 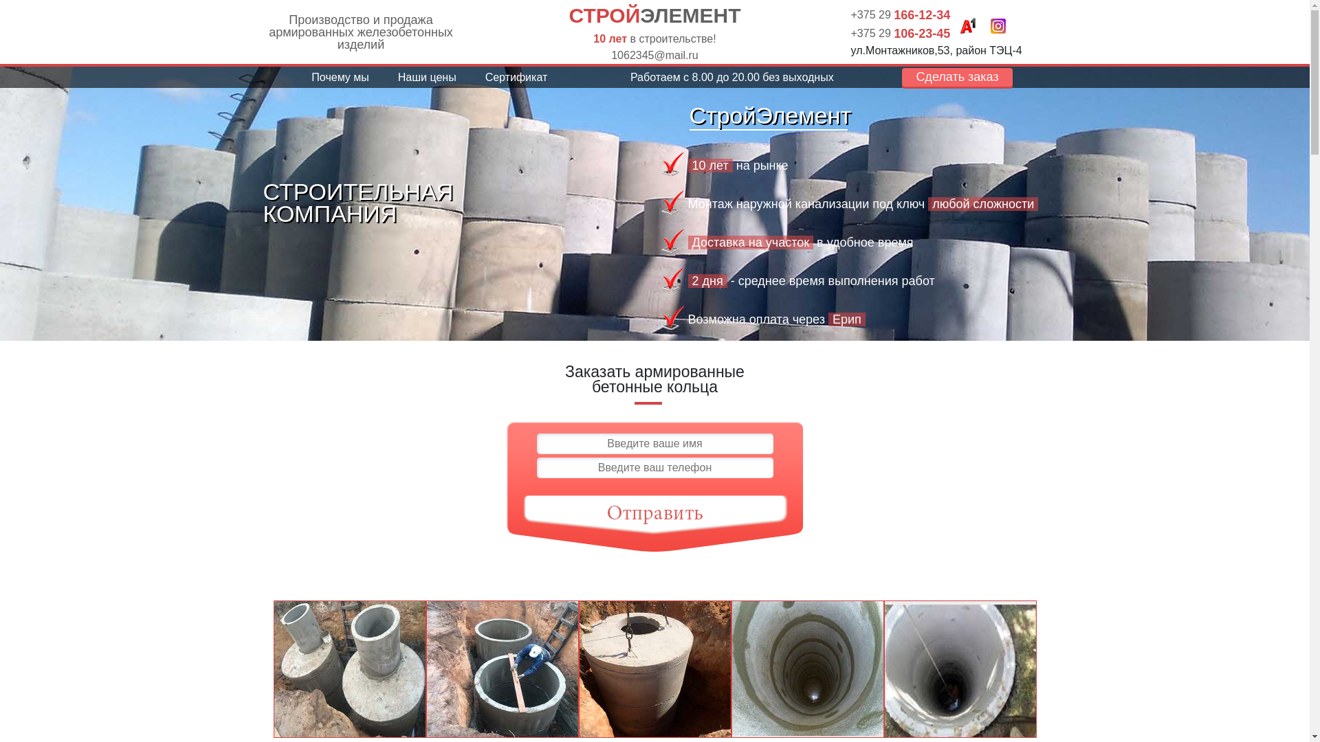 What do you see at coordinates (901, 14) in the screenshot?
I see `'+375 29 166-12-34'` at bounding box center [901, 14].